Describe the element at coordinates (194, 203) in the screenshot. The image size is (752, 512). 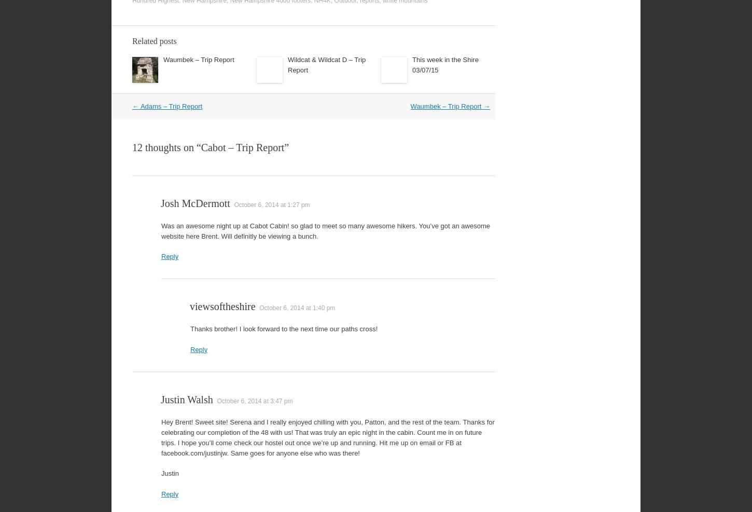
I see `'Josh McDermott'` at that location.